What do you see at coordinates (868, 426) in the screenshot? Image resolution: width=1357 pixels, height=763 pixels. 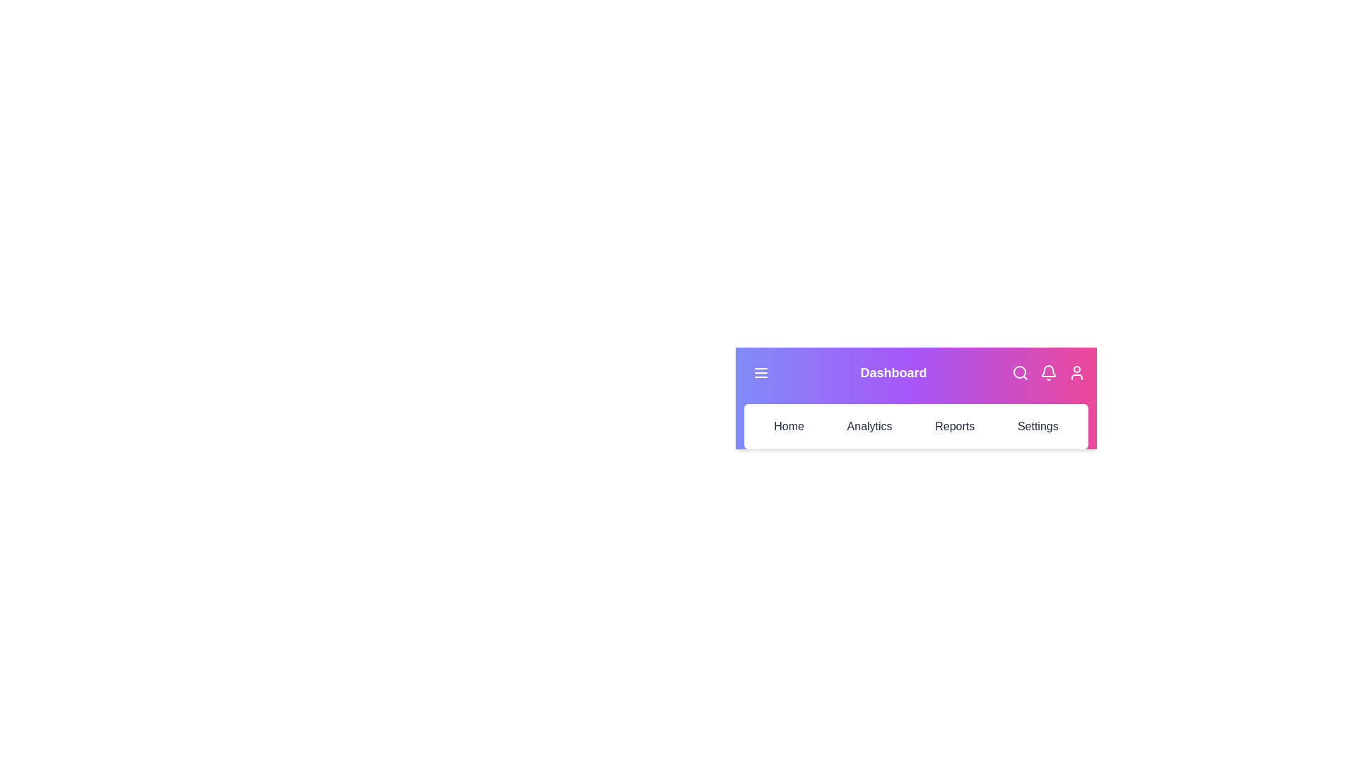 I see `the 'Analytics' tab to navigate to the Analytics section` at bounding box center [868, 426].